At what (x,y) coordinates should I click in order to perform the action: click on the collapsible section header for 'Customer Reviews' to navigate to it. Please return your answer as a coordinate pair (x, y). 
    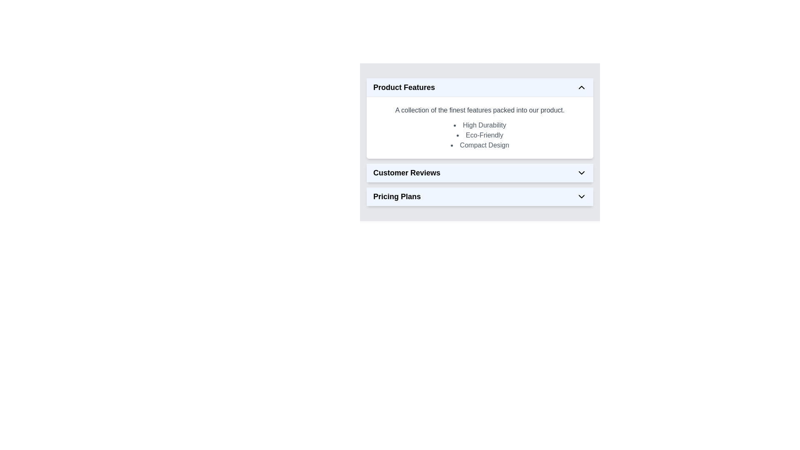
    Looking at the image, I should click on (480, 172).